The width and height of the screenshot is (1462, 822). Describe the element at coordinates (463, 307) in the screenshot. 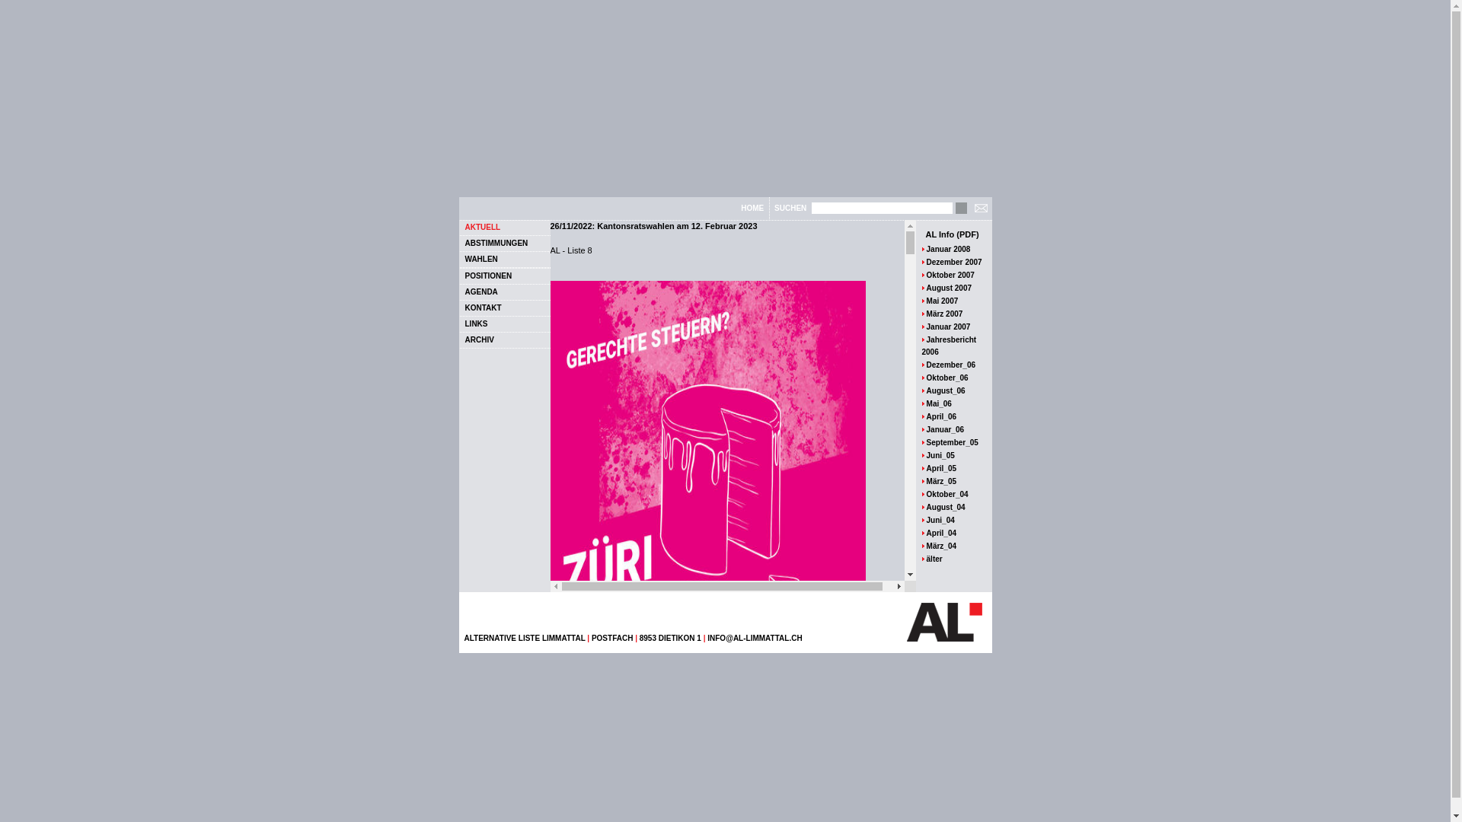

I see `'KONTAKT'` at that location.